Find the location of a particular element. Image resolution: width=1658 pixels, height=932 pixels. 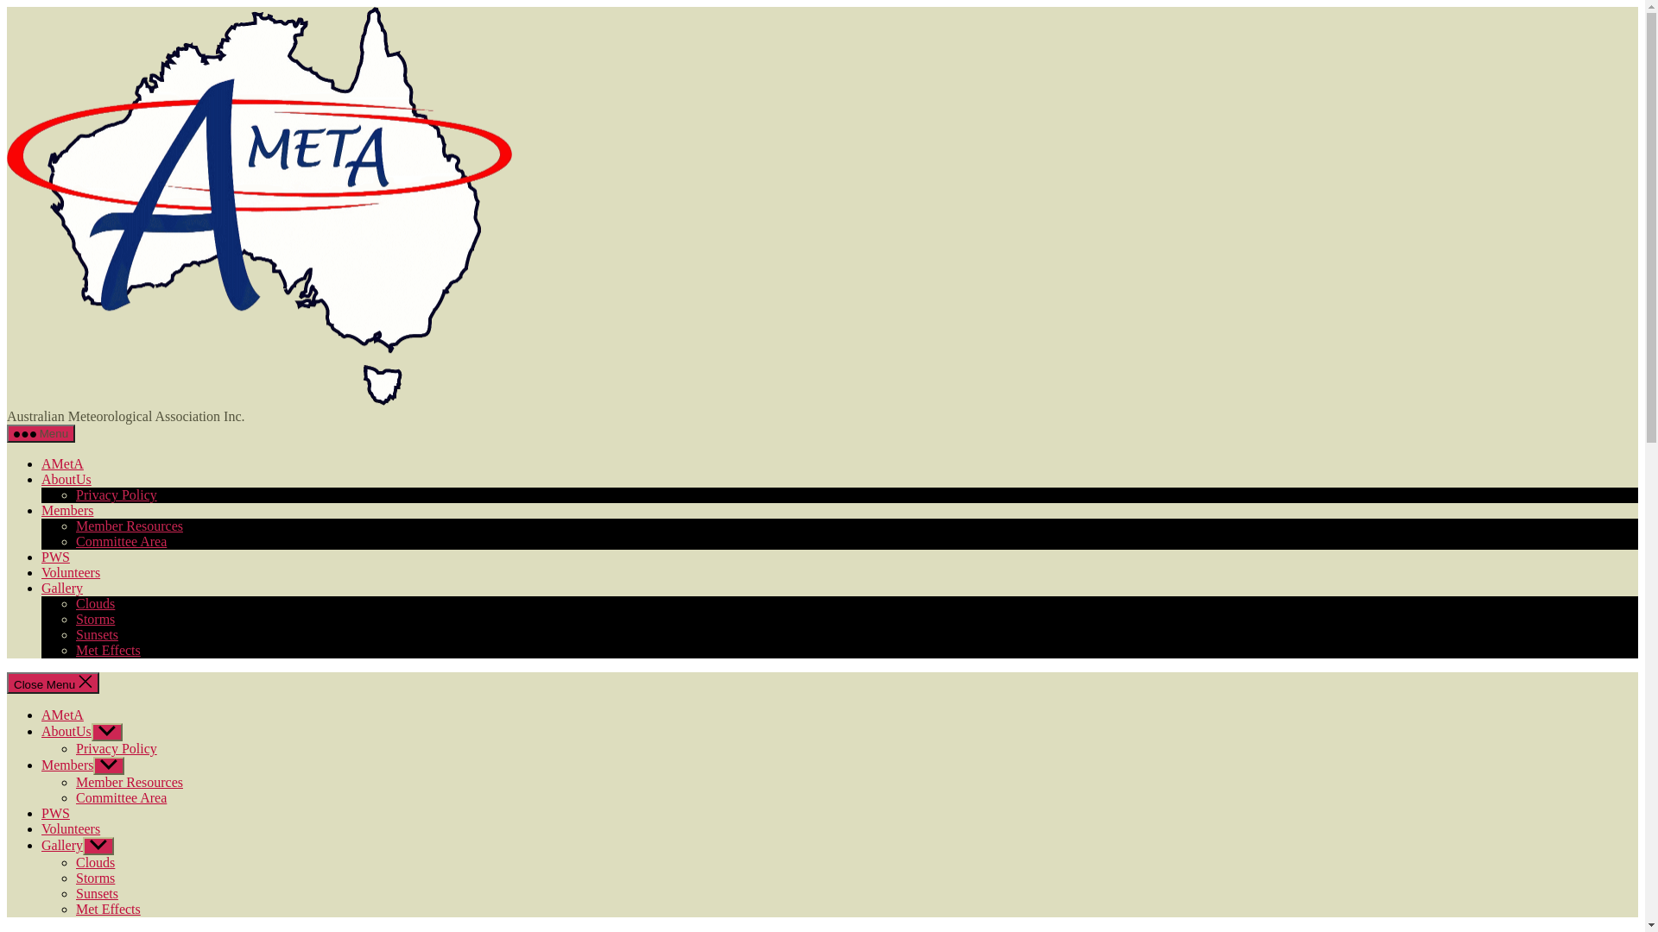

'Volunteers' is located at coordinates (69, 572).